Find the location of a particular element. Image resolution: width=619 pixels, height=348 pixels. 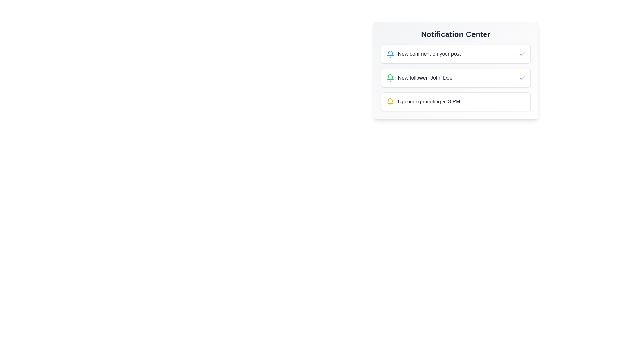

the icon button located at the far-right side of the notification card with the text 'New follower: John Doe' is located at coordinates (522, 78).